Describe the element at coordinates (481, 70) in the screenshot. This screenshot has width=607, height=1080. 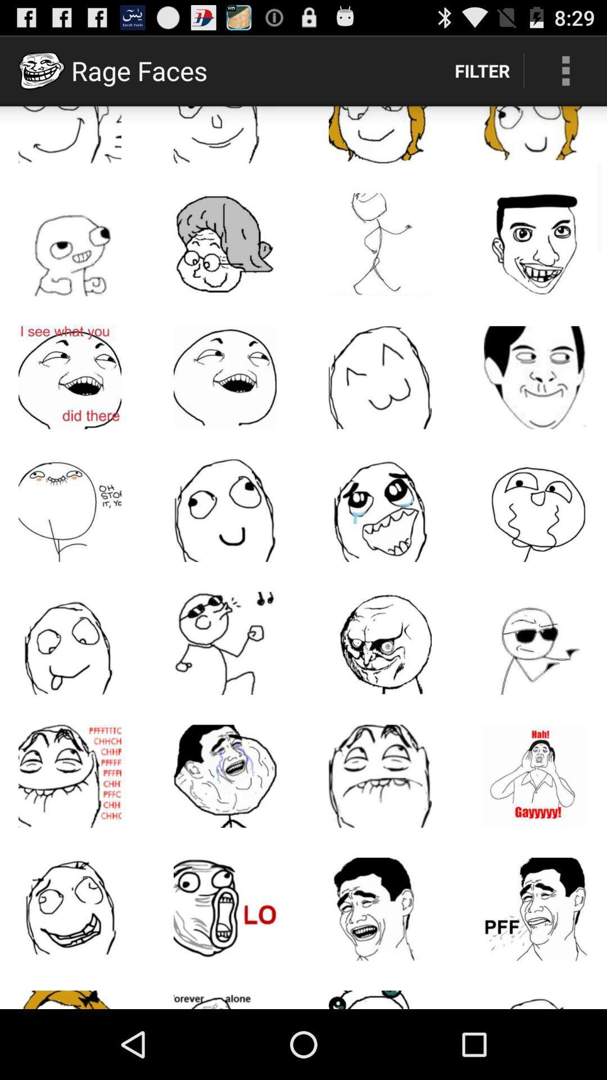
I see `filter item` at that location.